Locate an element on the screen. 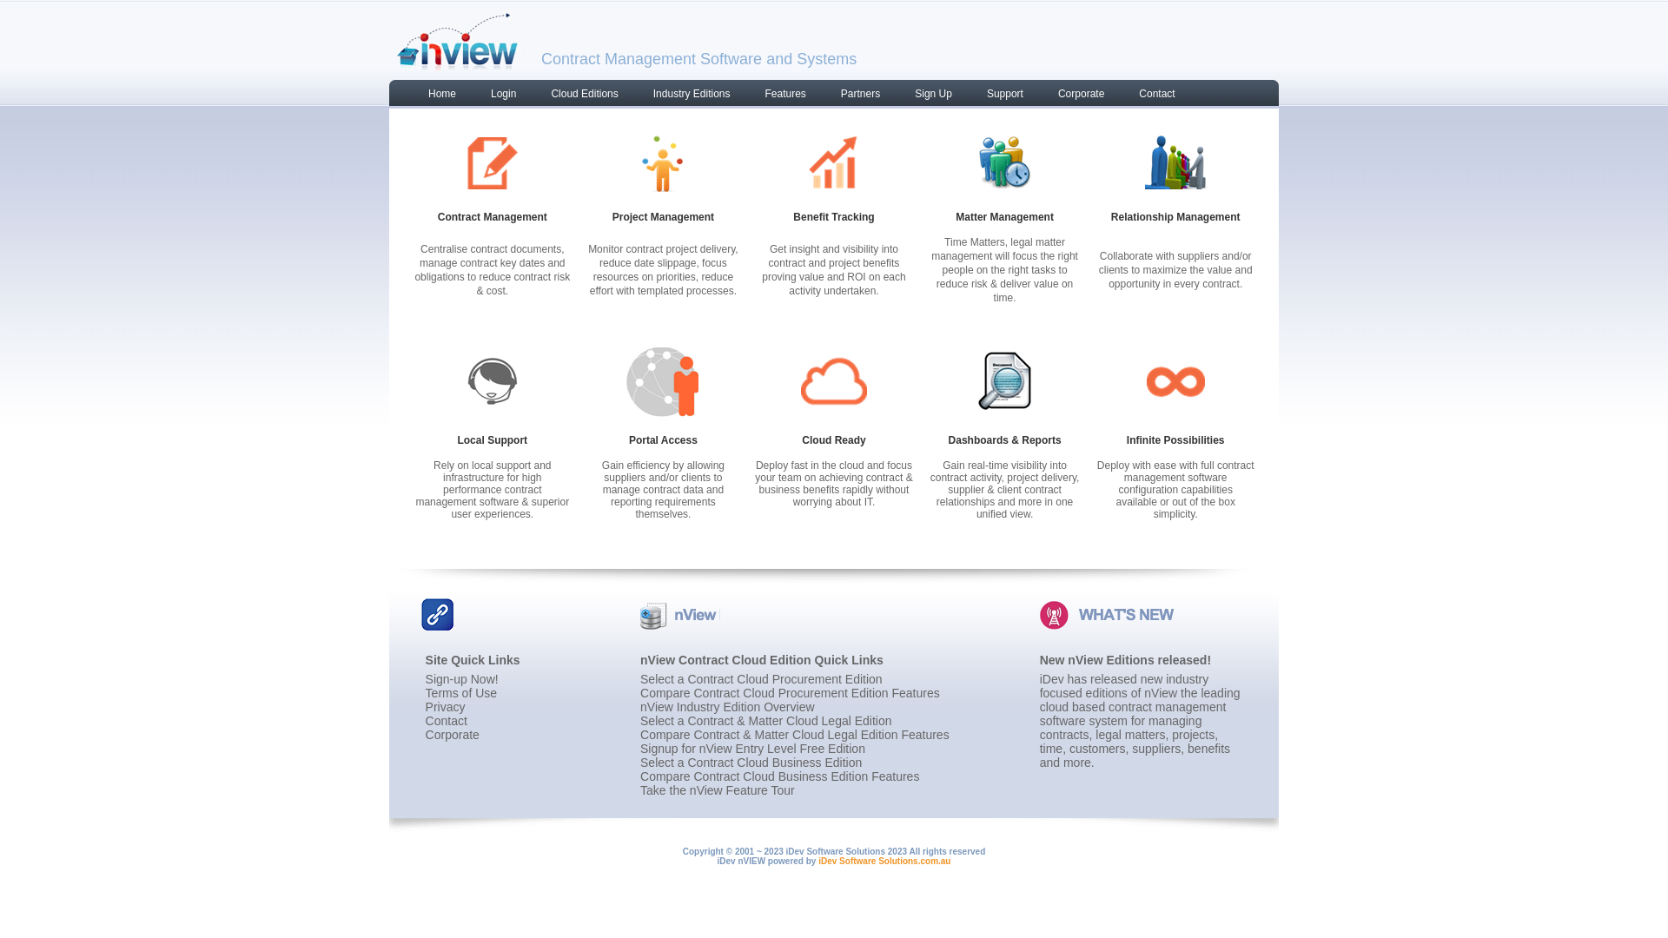 The image size is (1668, 938). 'Home' is located at coordinates (434, 96).